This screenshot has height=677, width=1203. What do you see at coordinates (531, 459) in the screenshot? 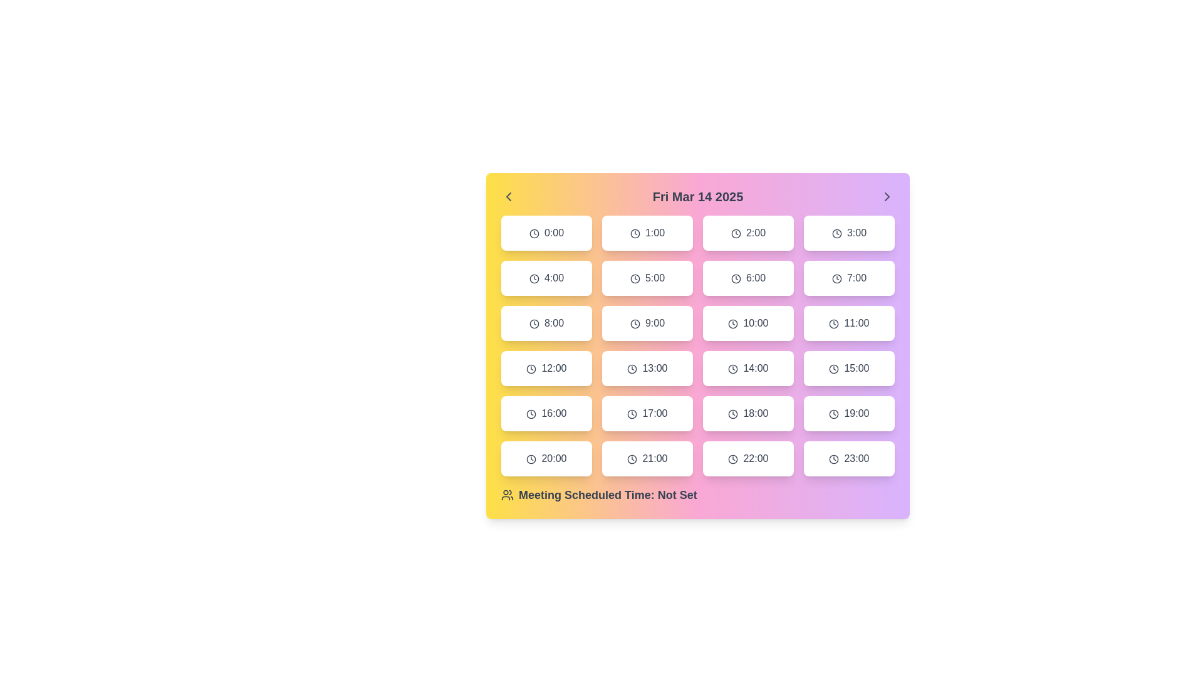
I see `the icon indicating the time '20:00', which is located to the left of the text label in the last card of the fourth row of the grid` at bounding box center [531, 459].